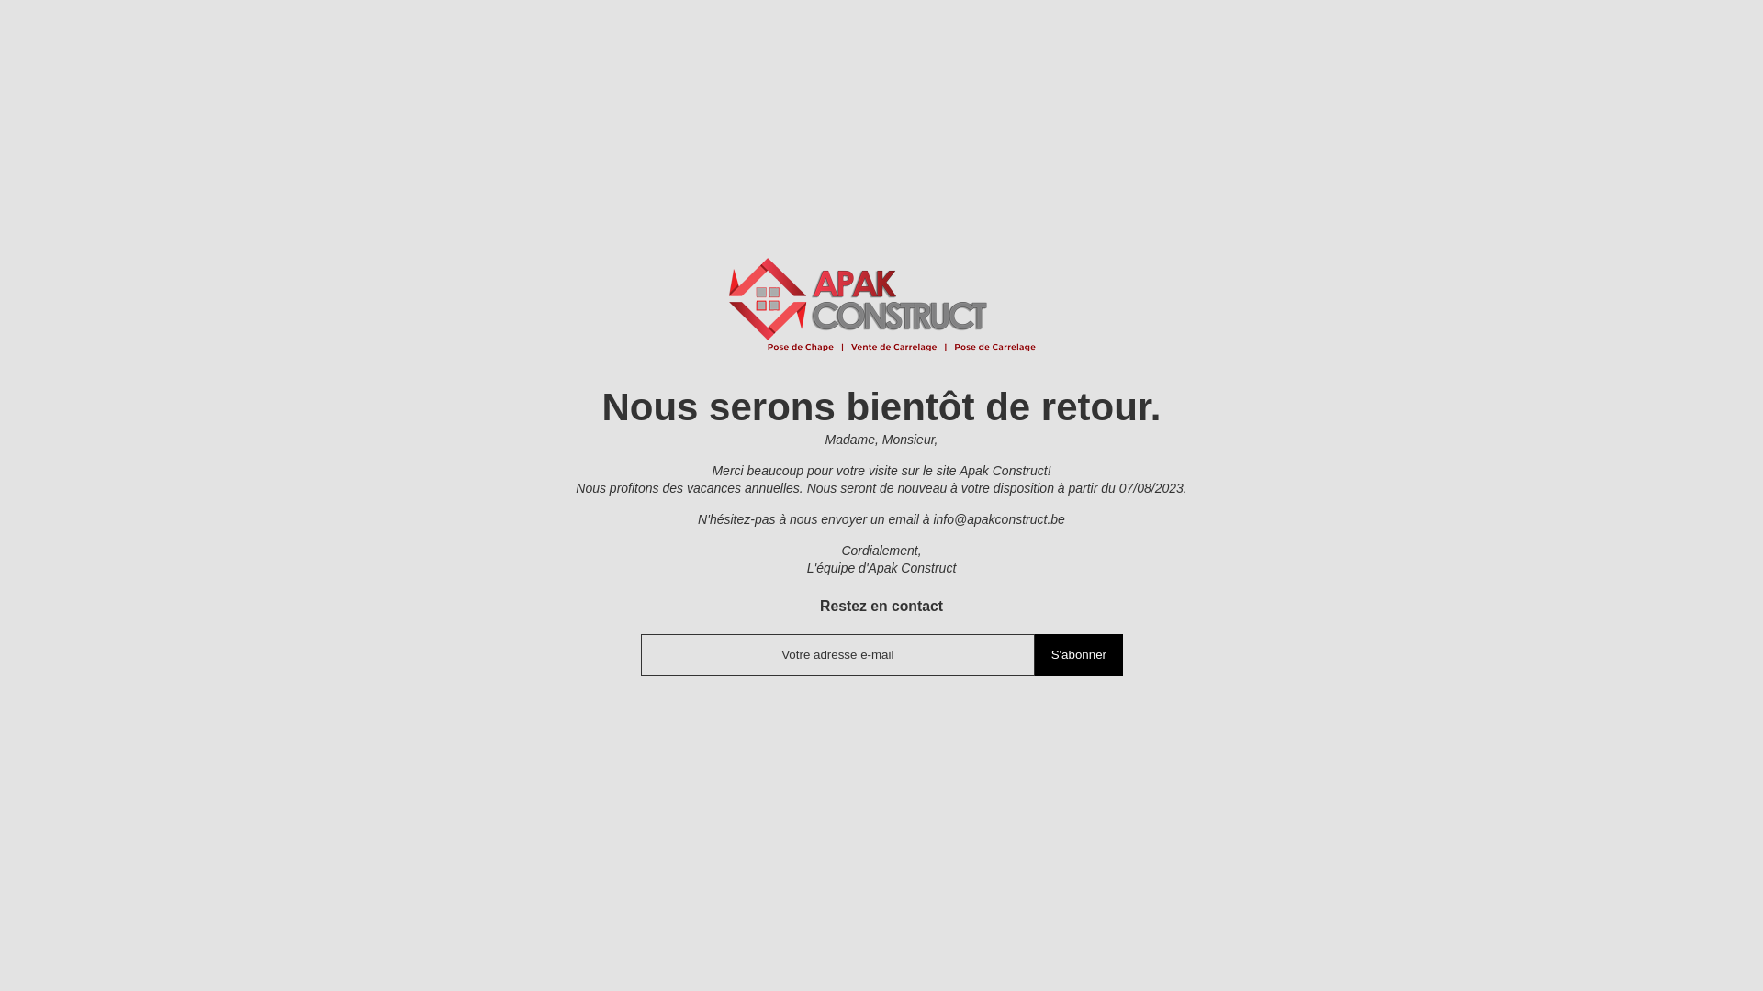  I want to click on 'S'abonner', so click(1078, 653).